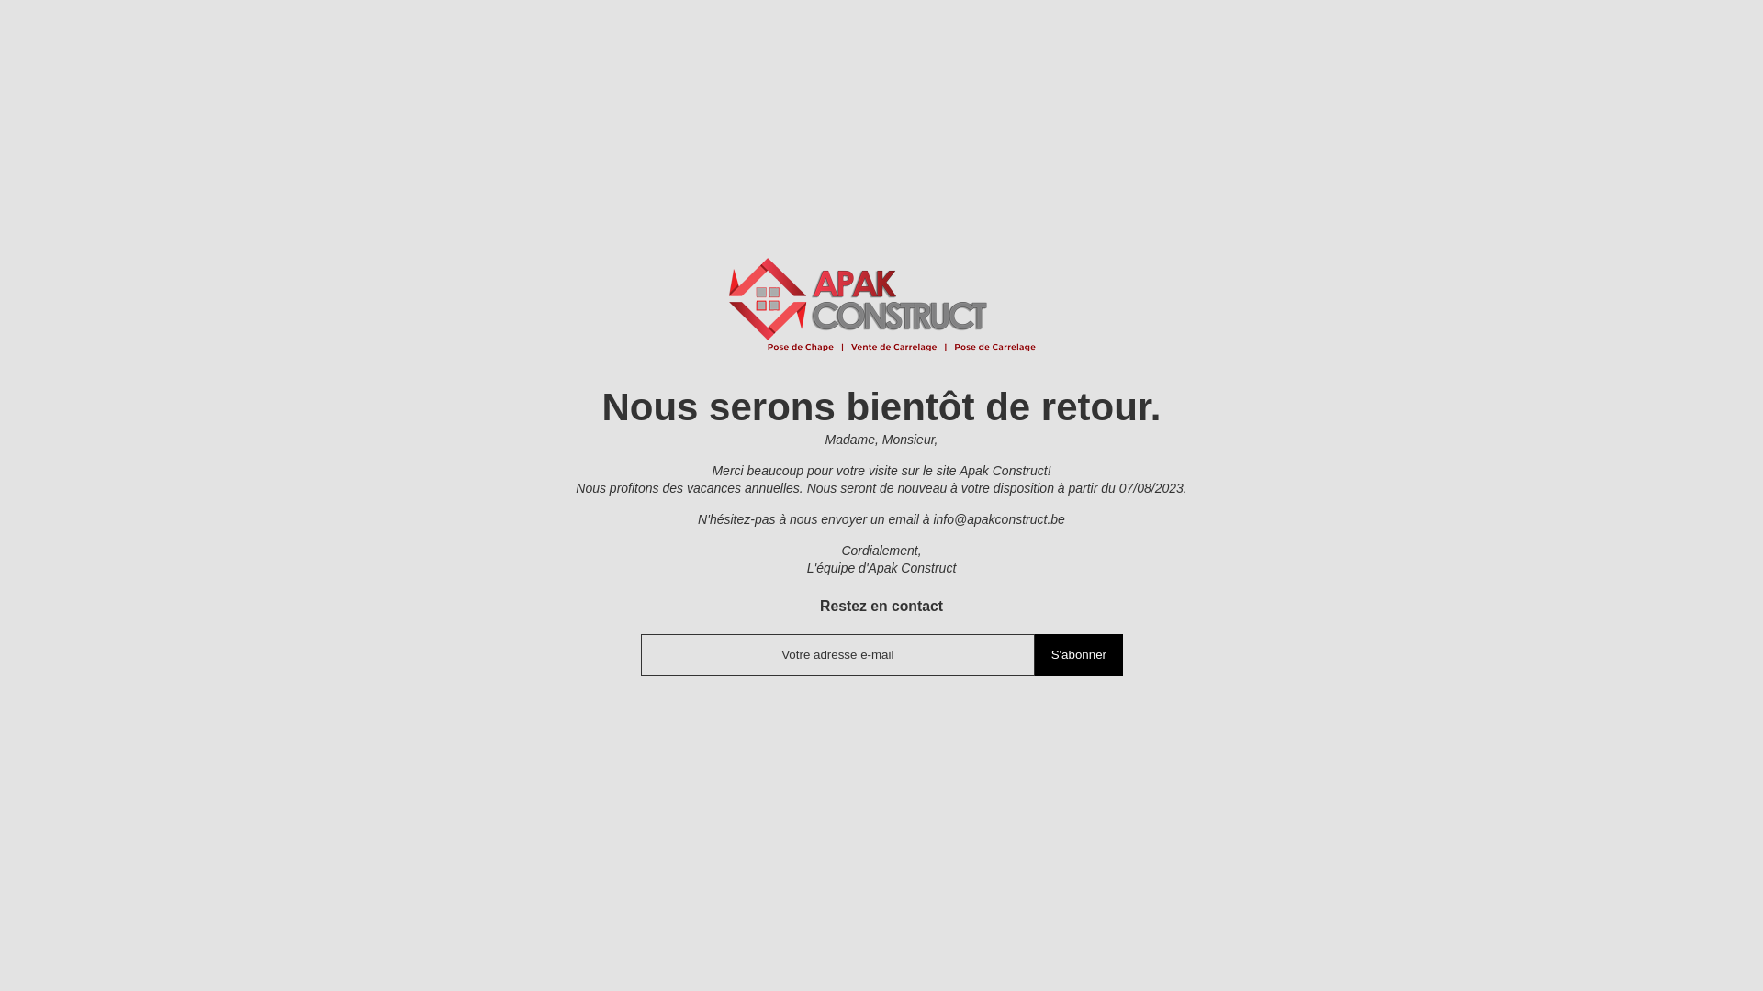  I want to click on 'S'abonner', so click(1078, 653).